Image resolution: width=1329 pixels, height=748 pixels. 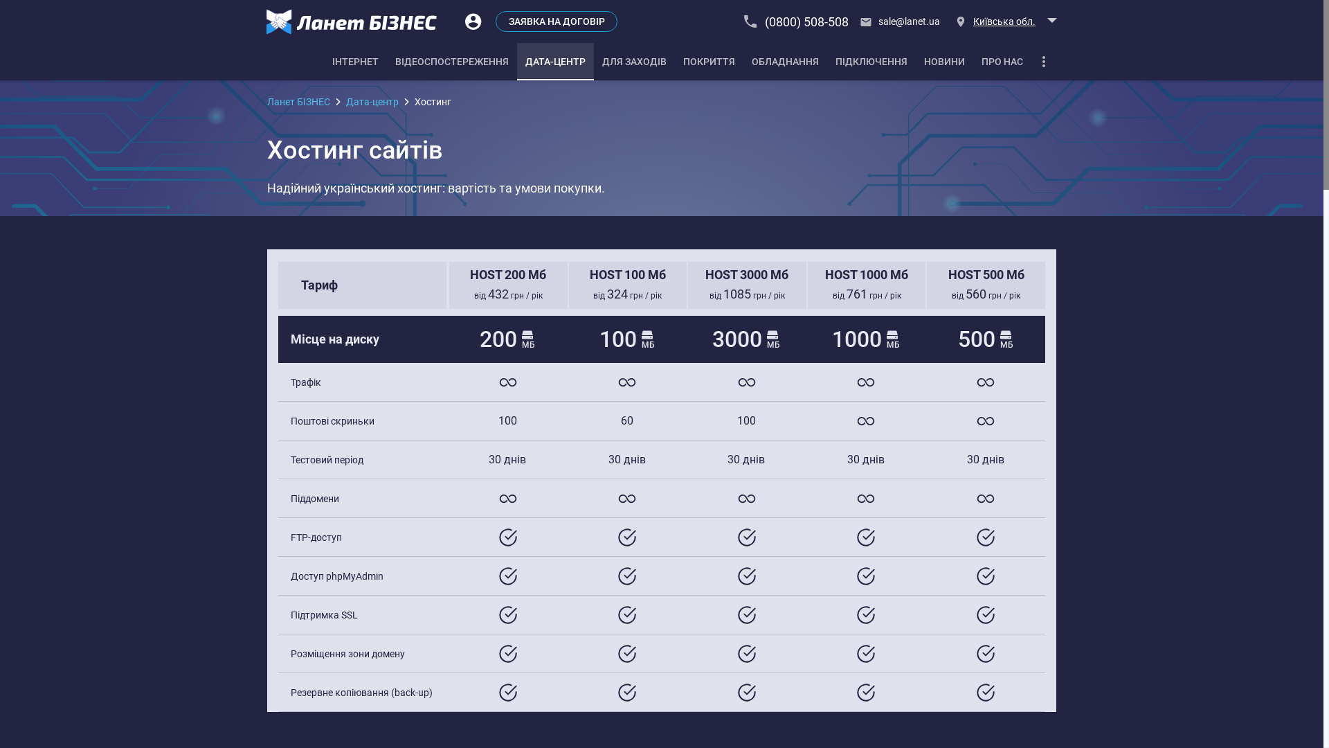 What do you see at coordinates (797, 21) in the screenshot?
I see `'(0800) 508-508'` at bounding box center [797, 21].